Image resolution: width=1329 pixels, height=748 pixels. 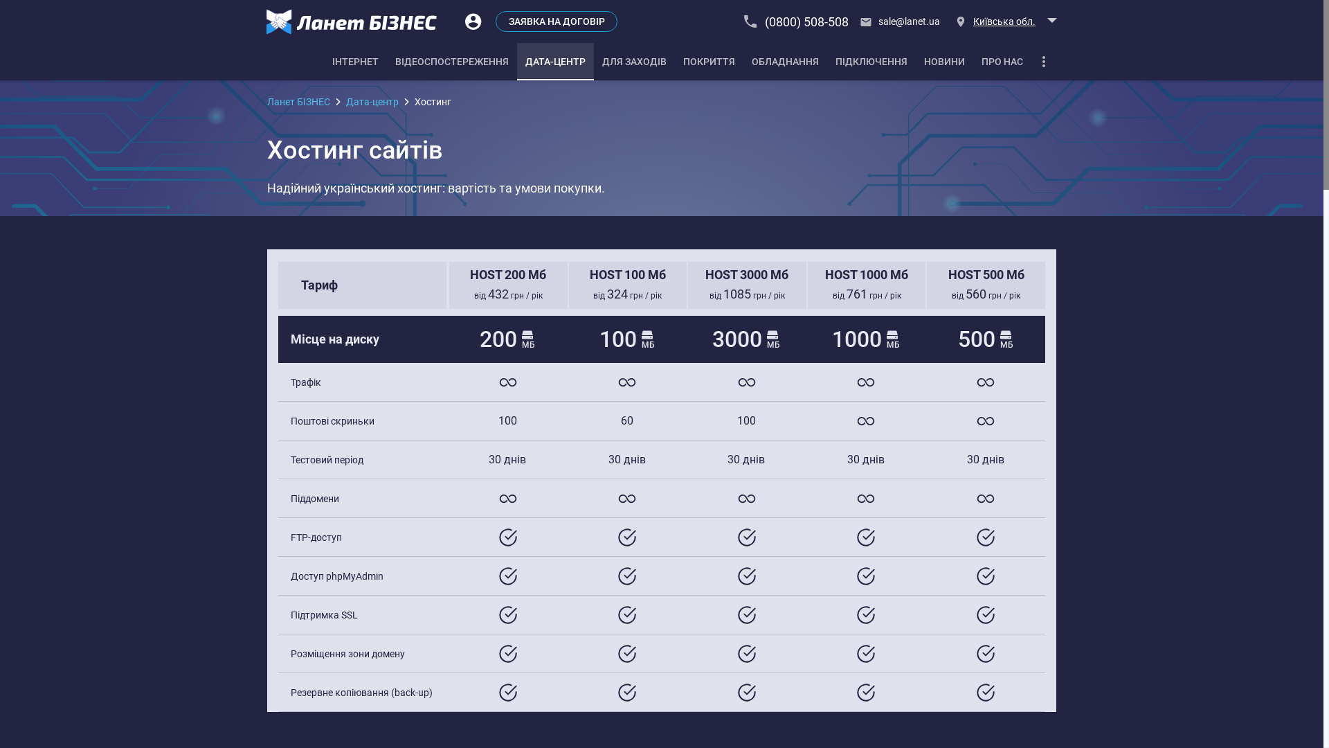 What do you see at coordinates (797, 21) in the screenshot?
I see `'(0800) 508-508'` at bounding box center [797, 21].